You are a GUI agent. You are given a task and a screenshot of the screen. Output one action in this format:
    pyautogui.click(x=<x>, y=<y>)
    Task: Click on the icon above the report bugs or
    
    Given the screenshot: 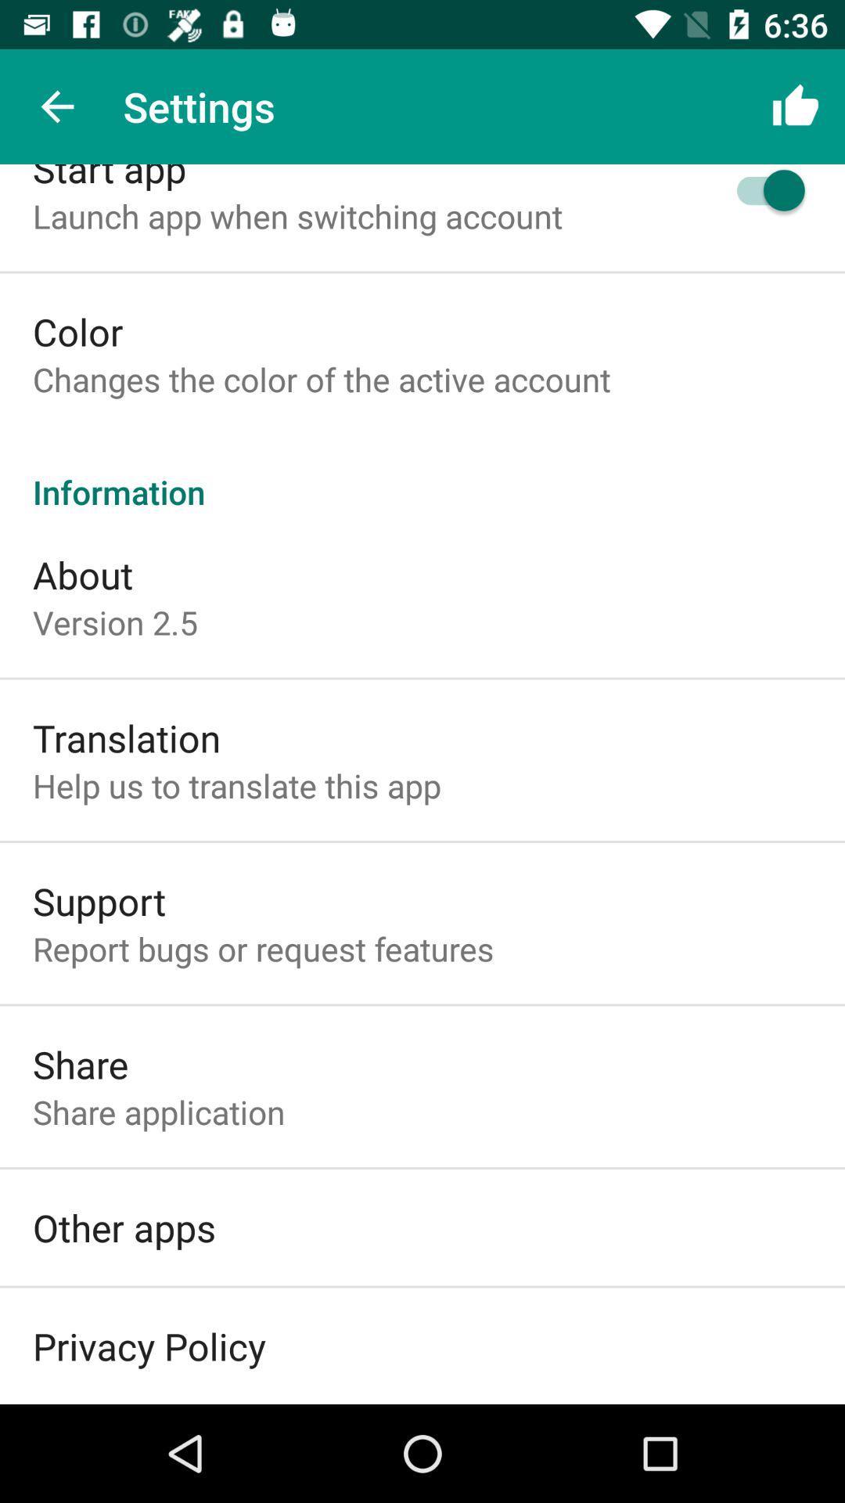 What is the action you would take?
    pyautogui.click(x=99, y=901)
    